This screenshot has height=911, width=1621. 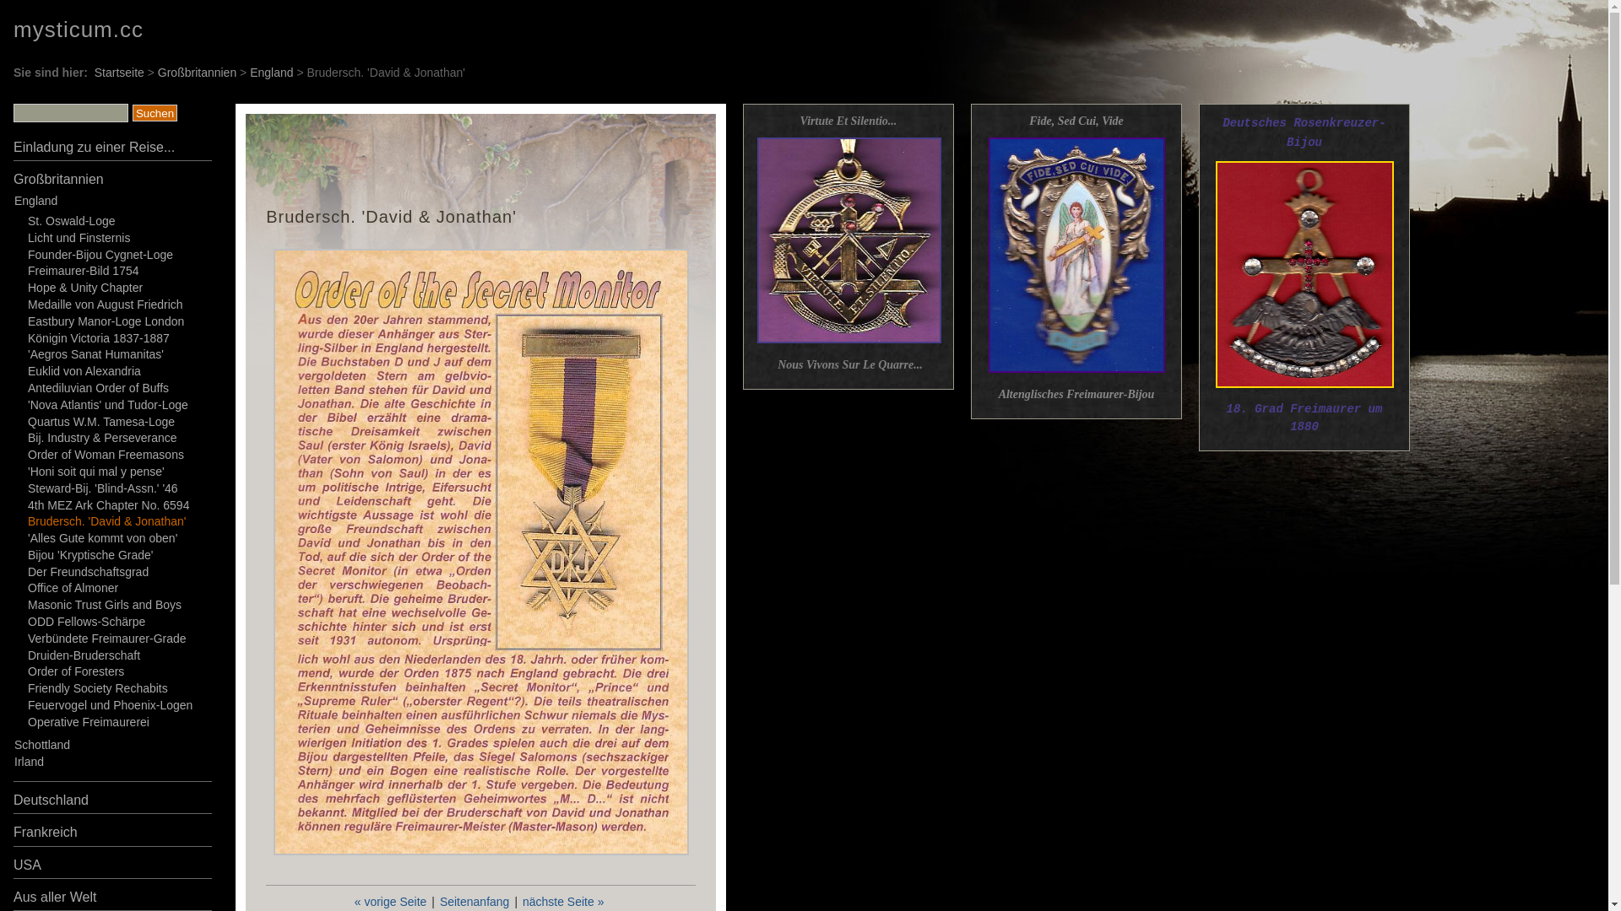 What do you see at coordinates (97, 387) in the screenshot?
I see `'Antediluvian Order of Buffs'` at bounding box center [97, 387].